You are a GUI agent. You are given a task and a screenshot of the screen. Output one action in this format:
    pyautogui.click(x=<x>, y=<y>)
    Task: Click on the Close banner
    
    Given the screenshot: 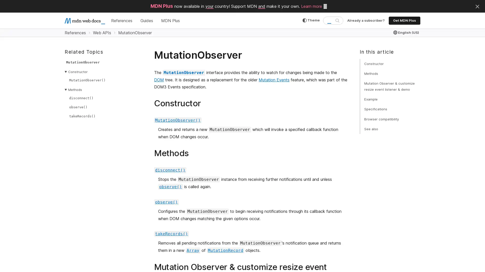 What is the action you would take?
    pyautogui.click(x=477, y=6)
    